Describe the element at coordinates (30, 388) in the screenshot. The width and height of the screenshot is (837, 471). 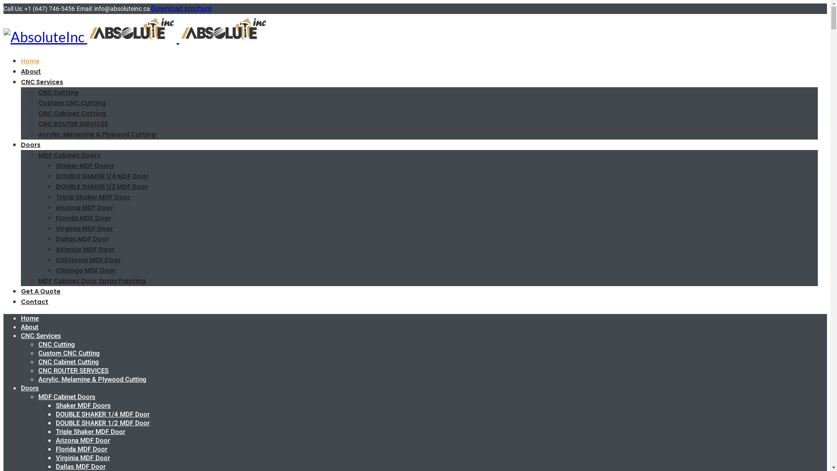
I see `'Doors'` at that location.